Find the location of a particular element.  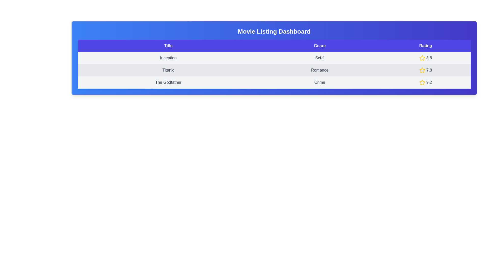

the static text label indicating the genre of the movie in the third row of the table under the 'Genre' column, located between 'The Godfather' title and the rating '9.2' is located at coordinates (319, 82).